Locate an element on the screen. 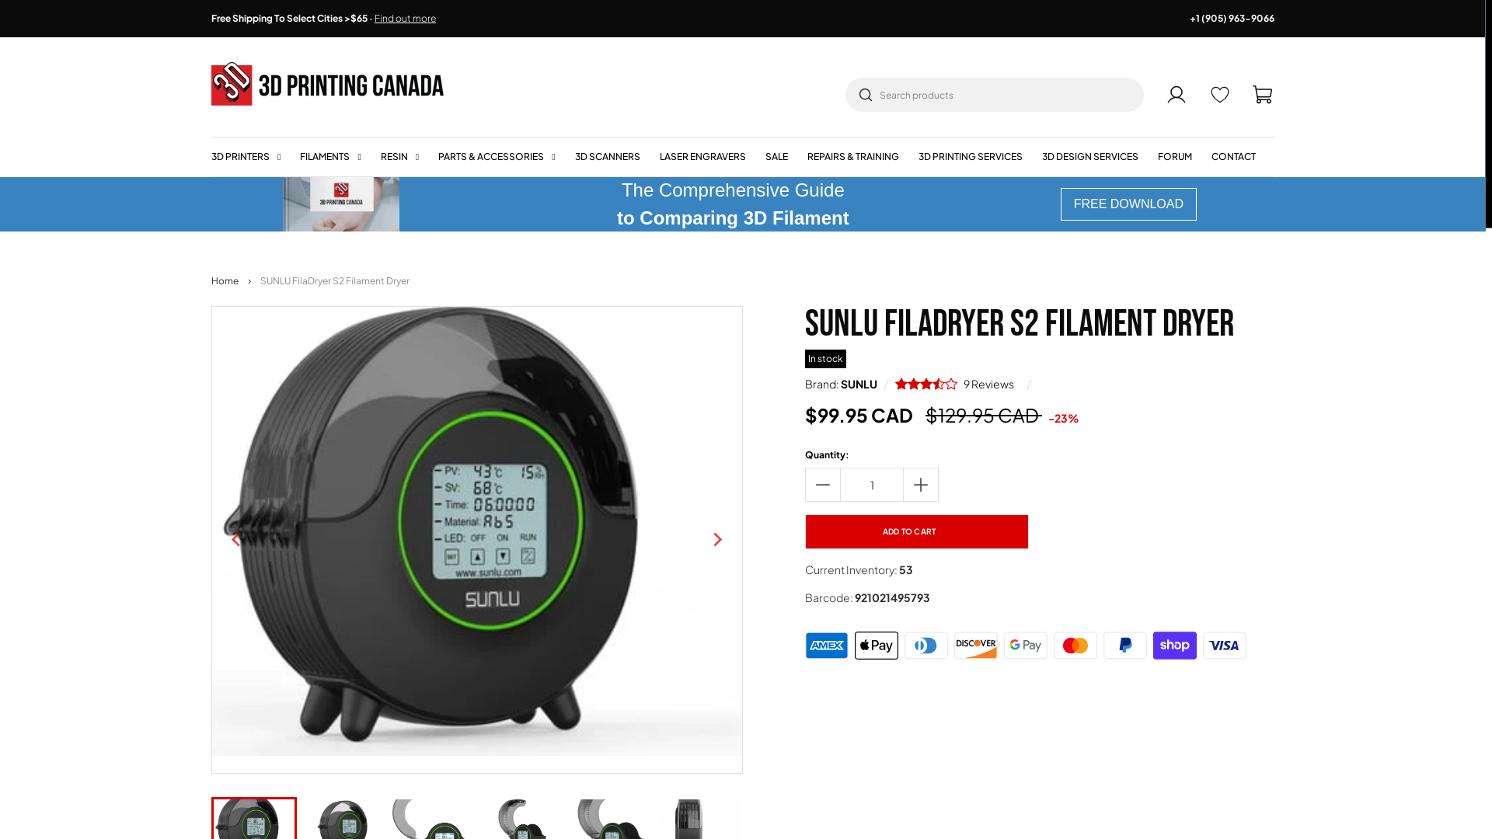  'ADD TO CART' is located at coordinates (917, 531).